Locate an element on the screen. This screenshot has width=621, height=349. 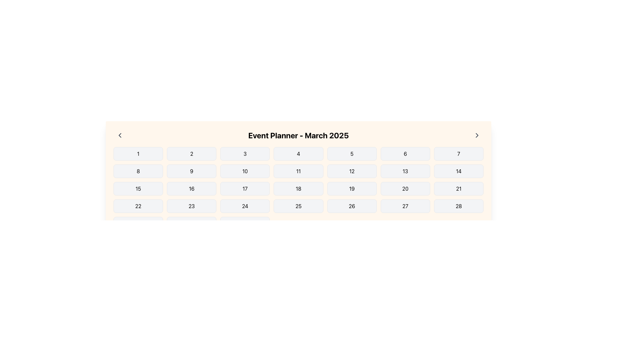
the Button-like calendar cell displaying '9' is located at coordinates (191, 171).